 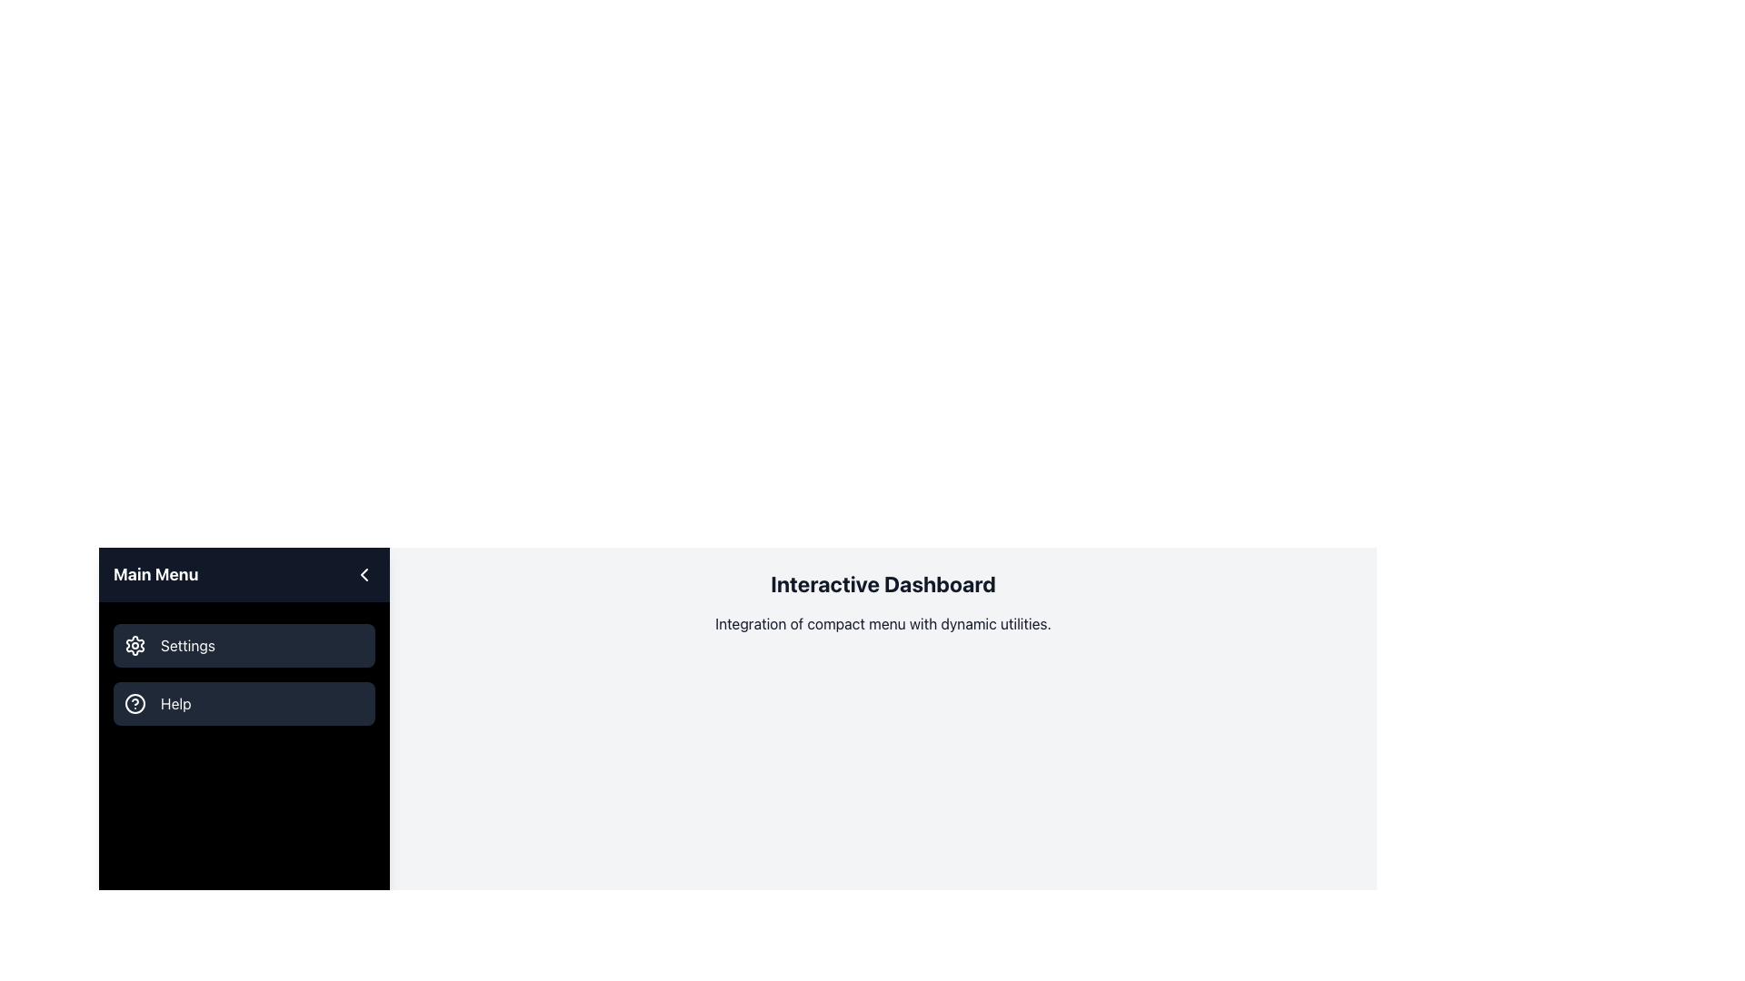 I want to click on the 'Help' text label, which is displayed in white font within the second menu item of the 'Main Menu' sidebar, located to the right of a circular question mark icon, so click(x=175, y=703).